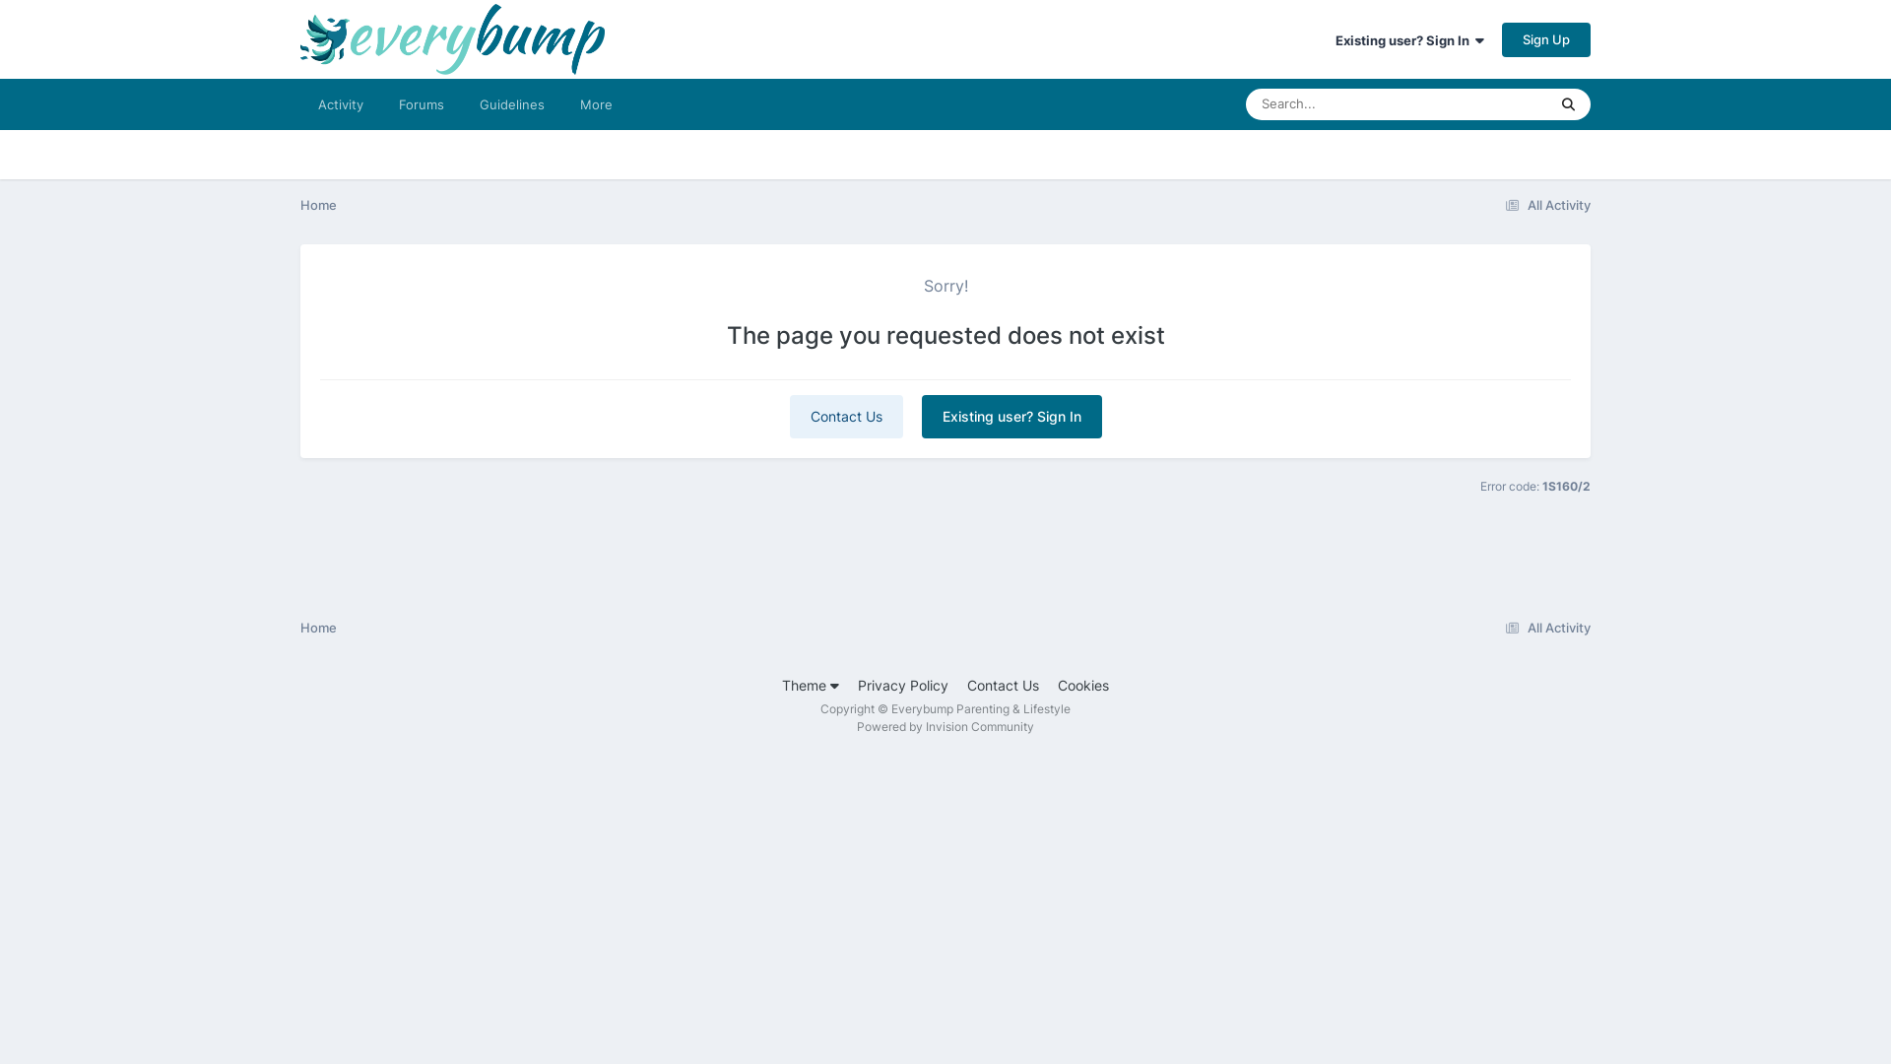  What do you see at coordinates (810, 684) in the screenshot?
I see `'Theme'` at bounding box center [810, 684].